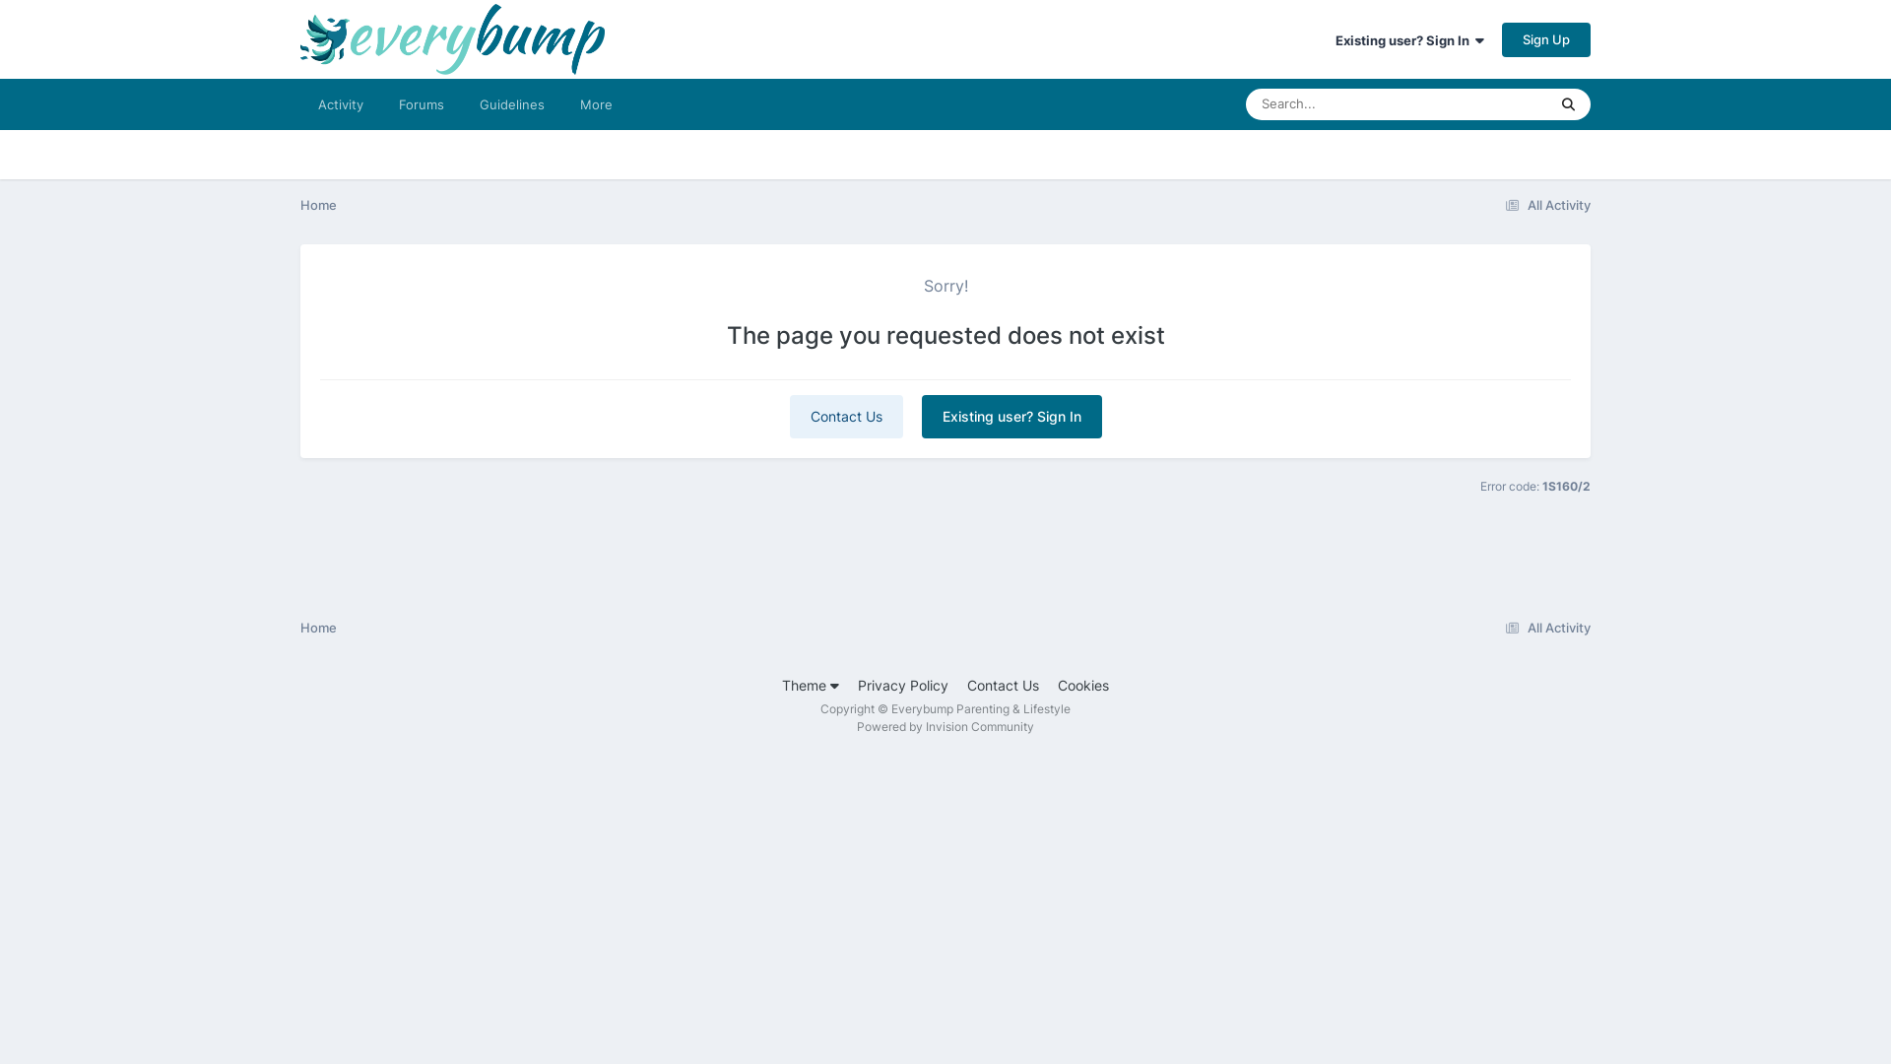  What do you see at coordinates (810, 684) in the screenshot?
I see `'Theme'` at bounding box center [810, 684].